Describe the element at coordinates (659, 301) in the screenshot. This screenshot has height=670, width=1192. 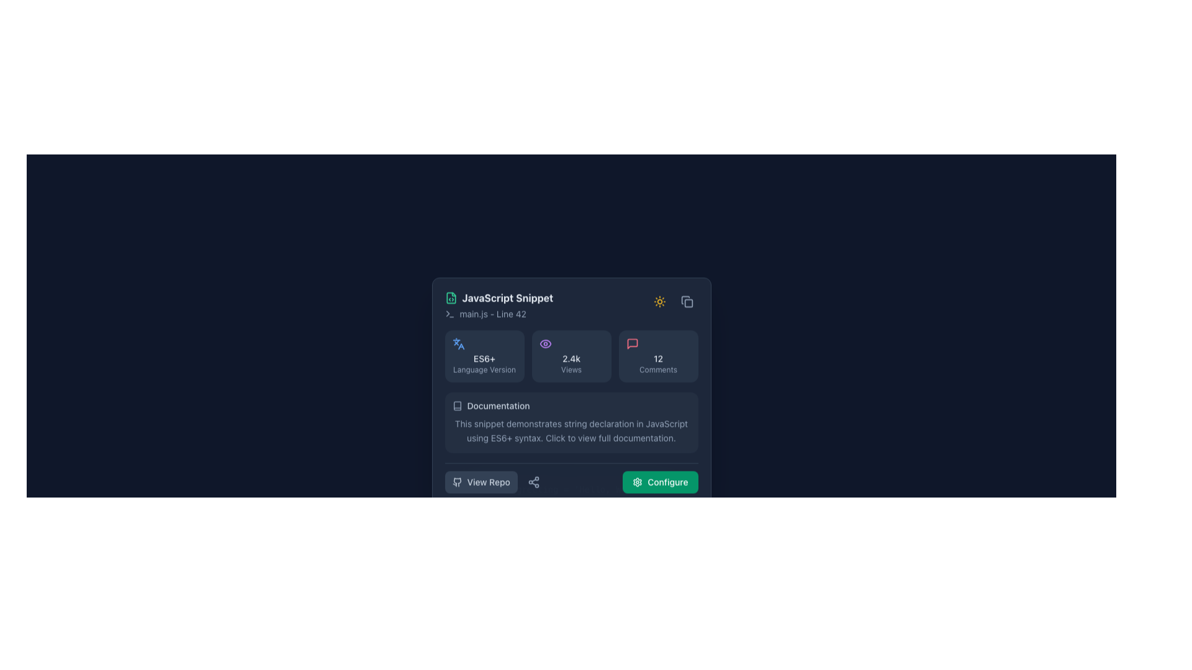
I see `the icon button located at the far right of the card displaying 'JavaScript Snippet'` at that location.